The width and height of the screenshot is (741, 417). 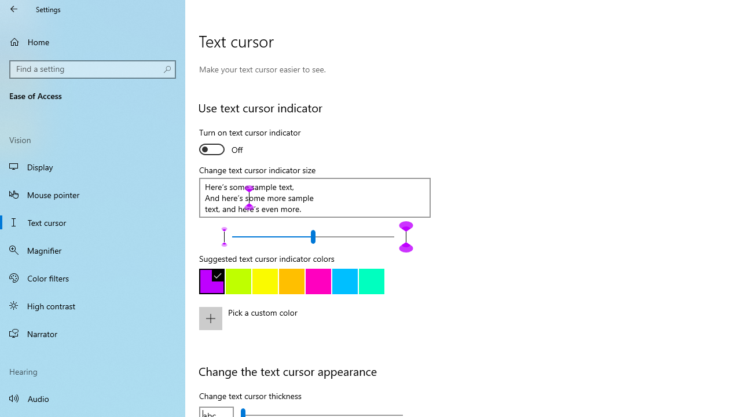 What do you see at coordinates (93, 167) in the screenshot?
I see `'Display'` at bounding box center [93, 167].